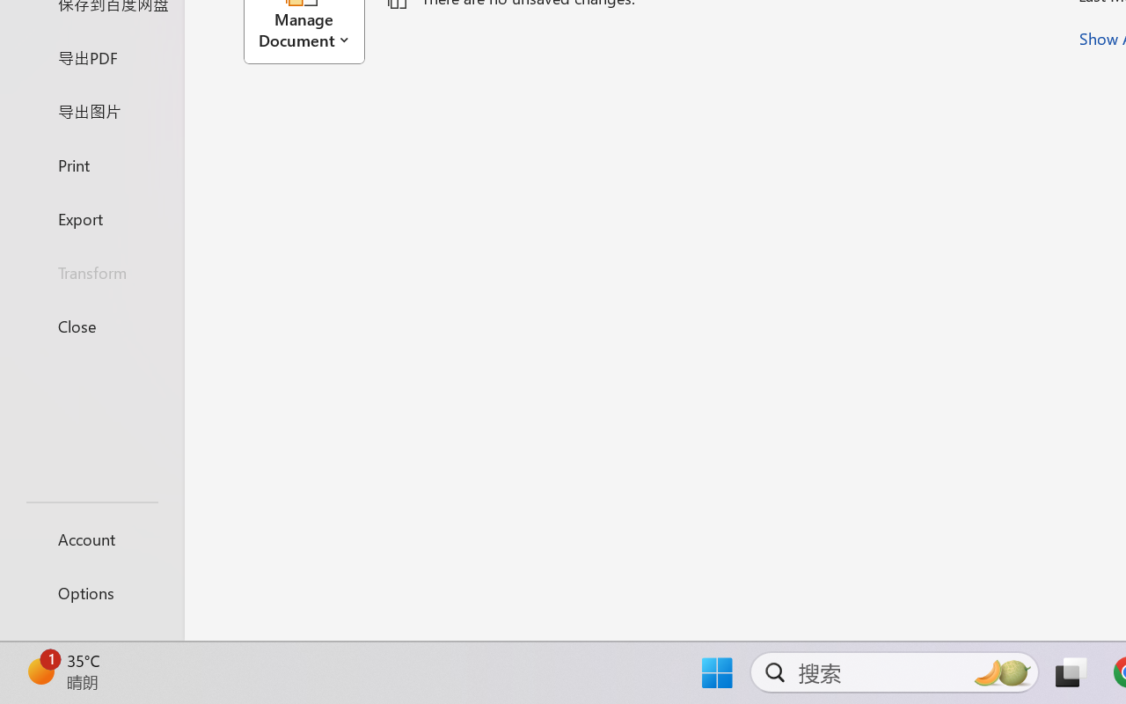 The image size is (1126, 704). What do you see at coordinates (91, 539) in the screenshot?
I see `'Account'` at bounding box center [91, 539].